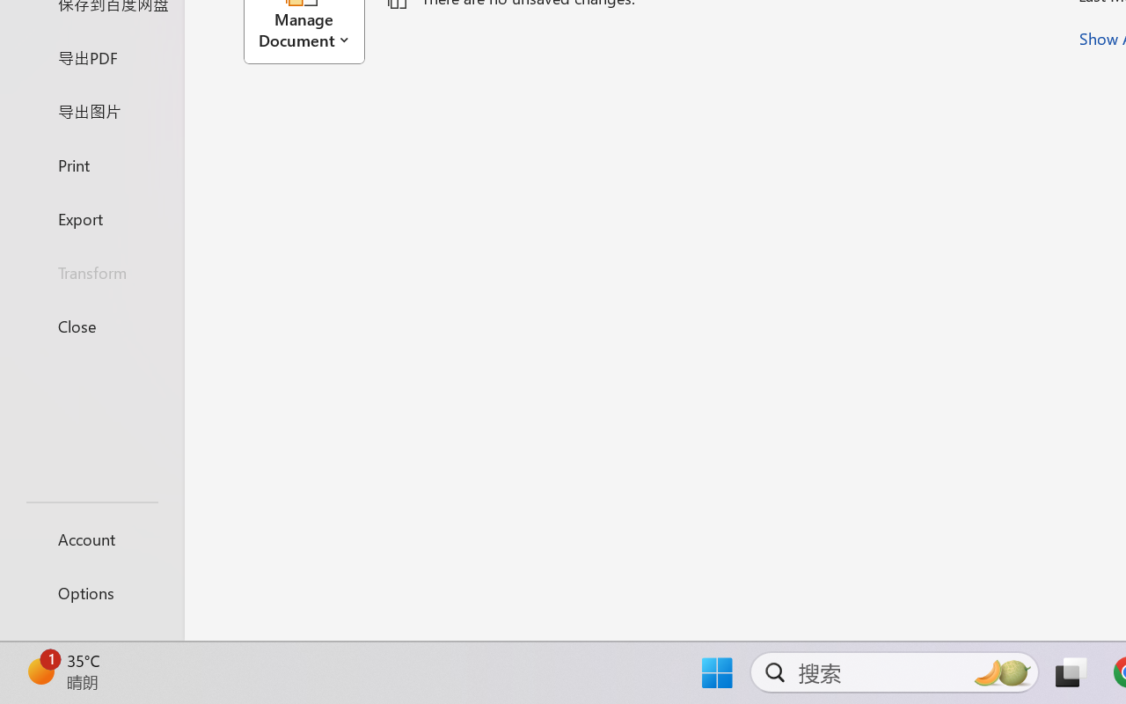 The image size is (1126, 704). What do you see at coordinates (91, 539) in the screenshot?
I see `'Account'` at bounding box center [91, 539].